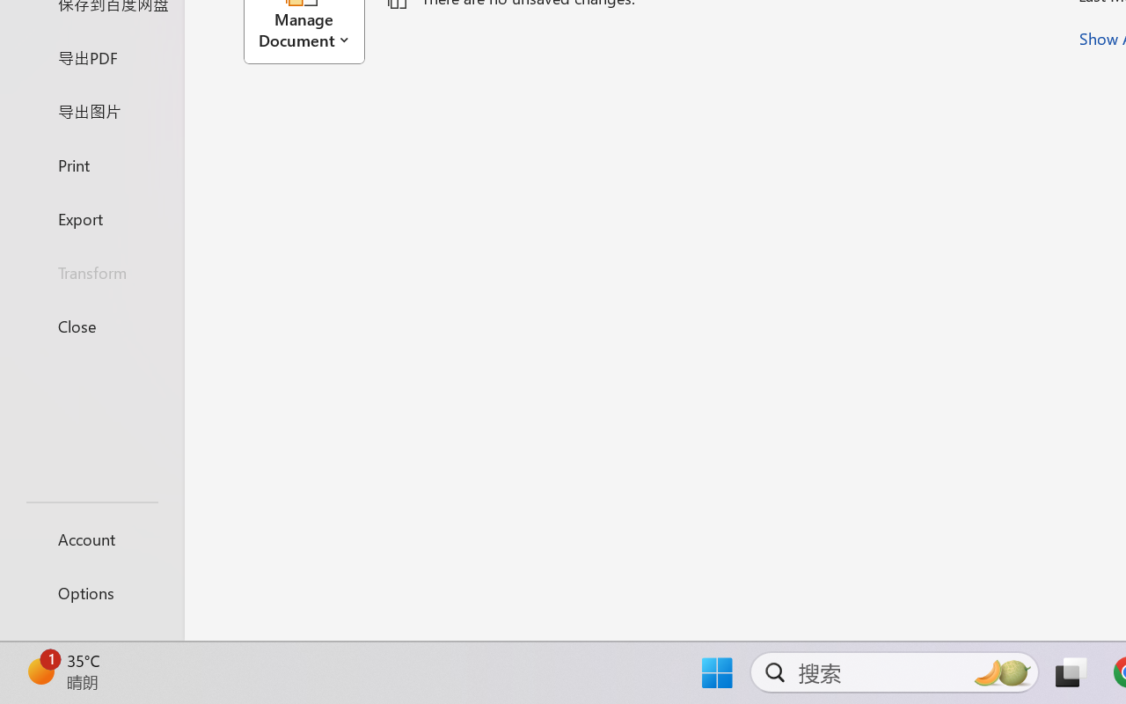 The image size is (1126, 704). What do you see at coordinates (91, 539) in the screenshot?
I see `'Account'` at bounding box center [91, 539].